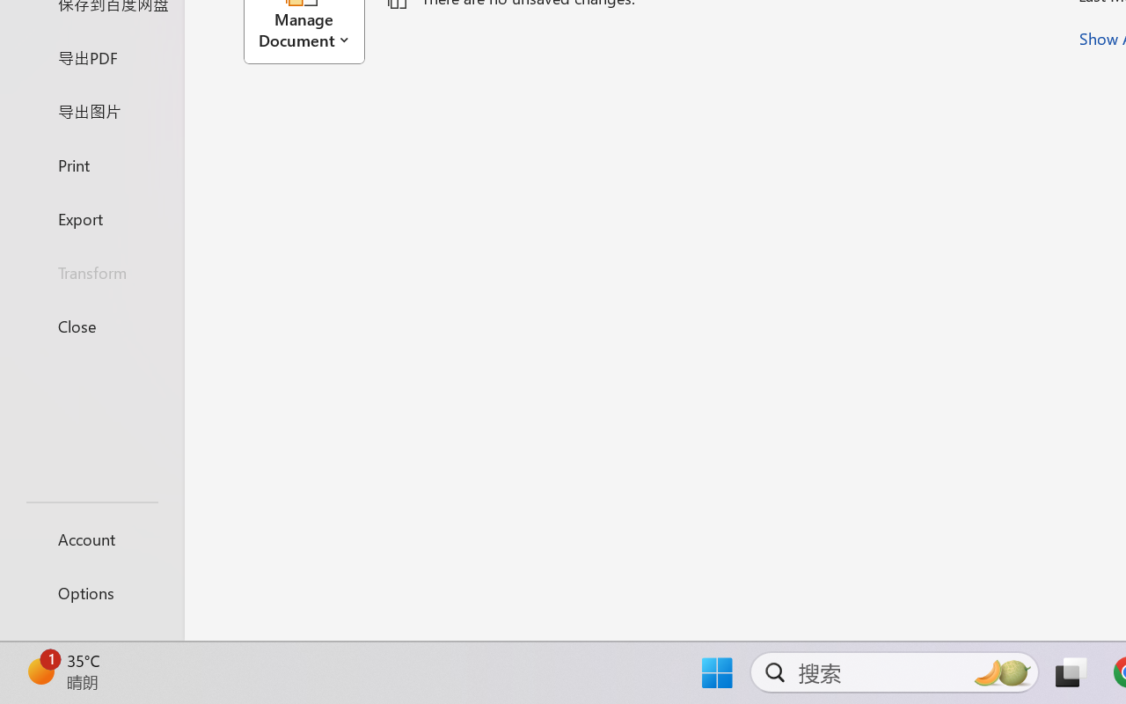 The image size is (1126, 704). What do you see at coordinates (91, 539) in the screenshot?
I see `'Account'` at bounding box center [91, 539].